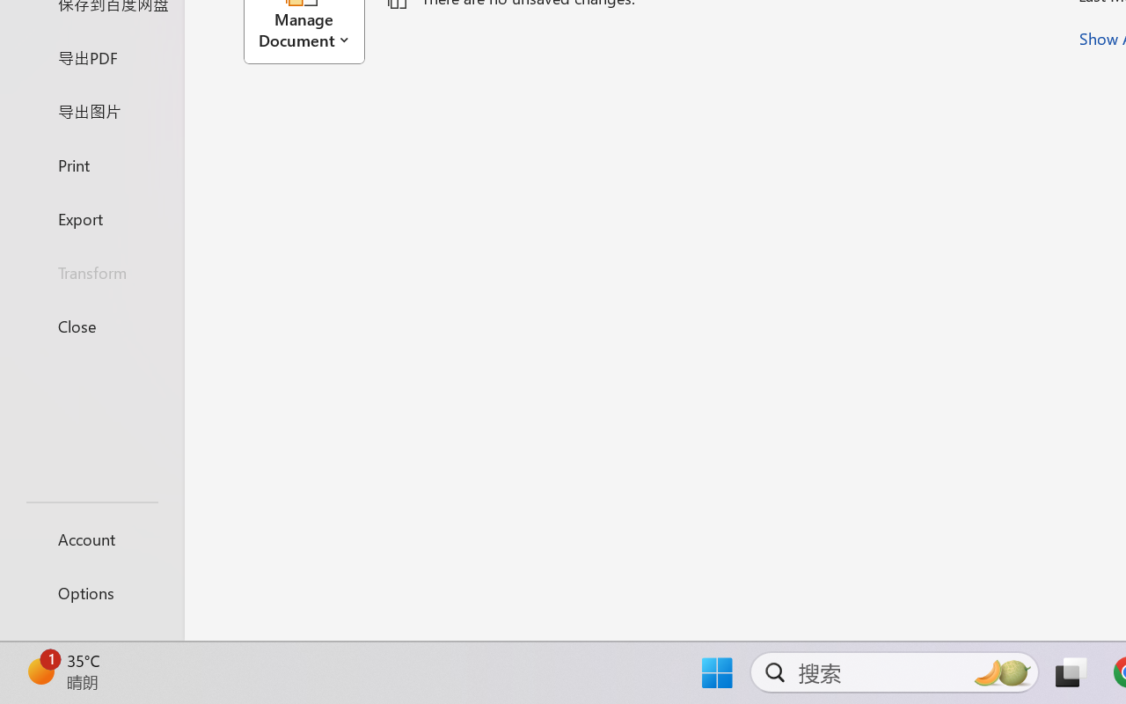 The image size is (1126, 704). What do you see at coordinates (91, 539) in the screenshot?
I see `'Account'` at bounding box center [91, 539].